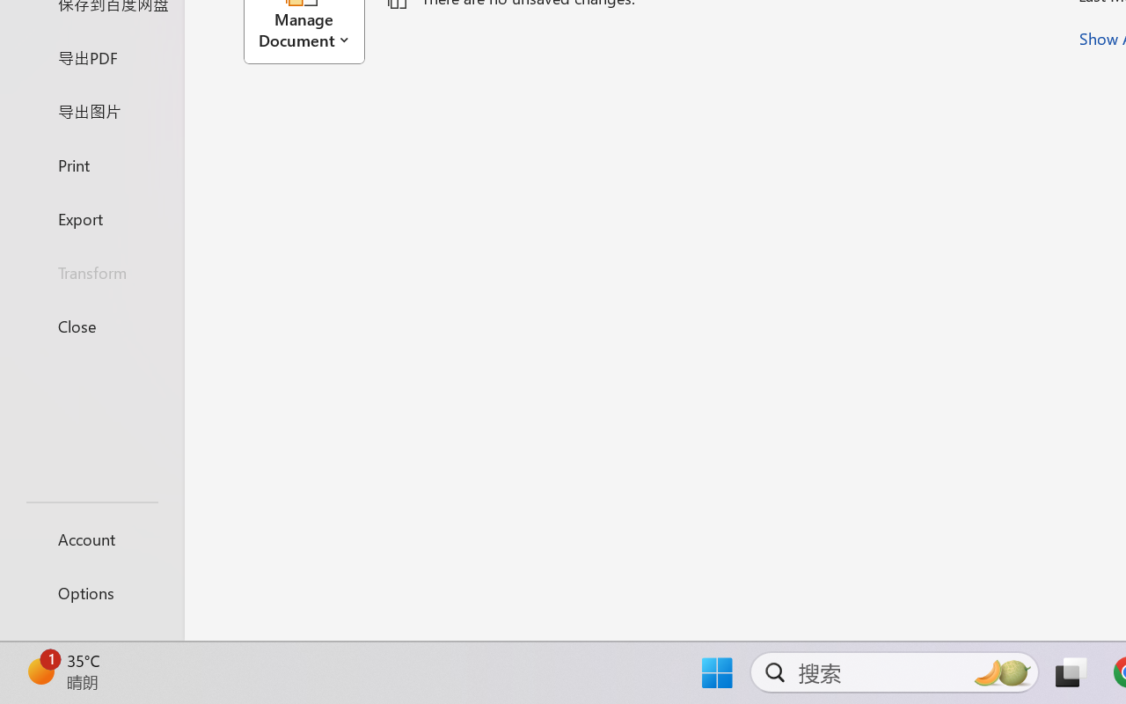 The image size is (1126, 704). What do you see at coordinates (91, 539) in the screenshot?
I see `'Account'` at bounding box center [91, 539].